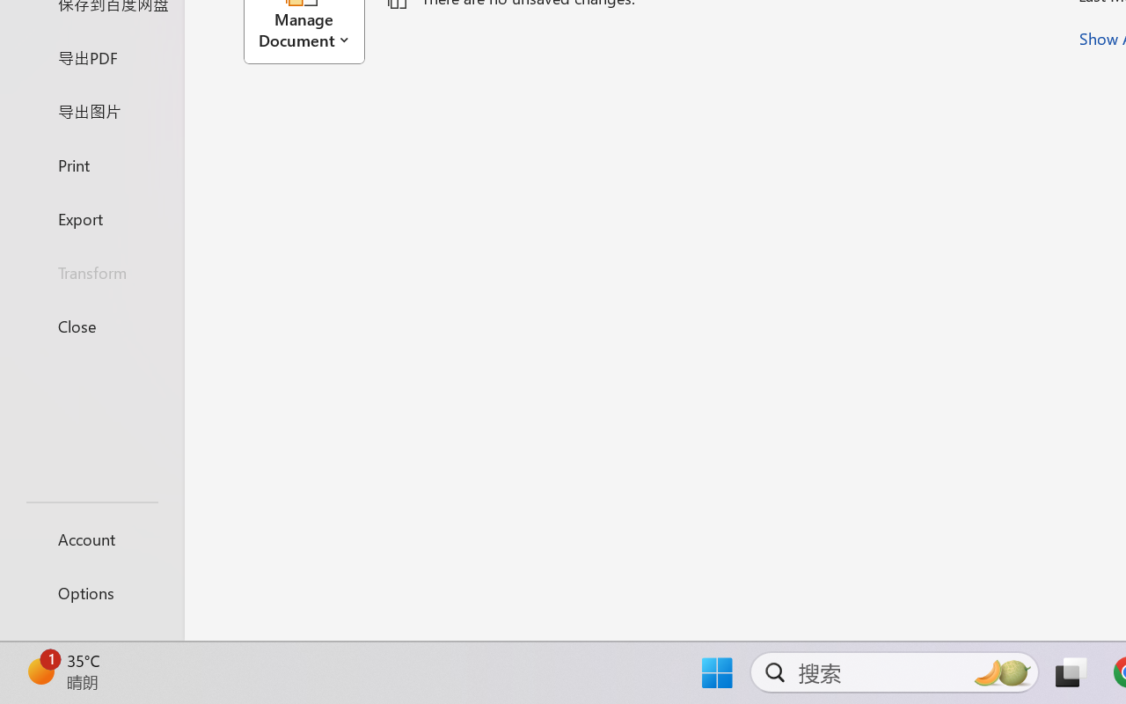 The image size is (1126, 704). What do you see at coordinates (91, 539) in the screenshot?
I see `'Account'` at bounding box center [91, 539].